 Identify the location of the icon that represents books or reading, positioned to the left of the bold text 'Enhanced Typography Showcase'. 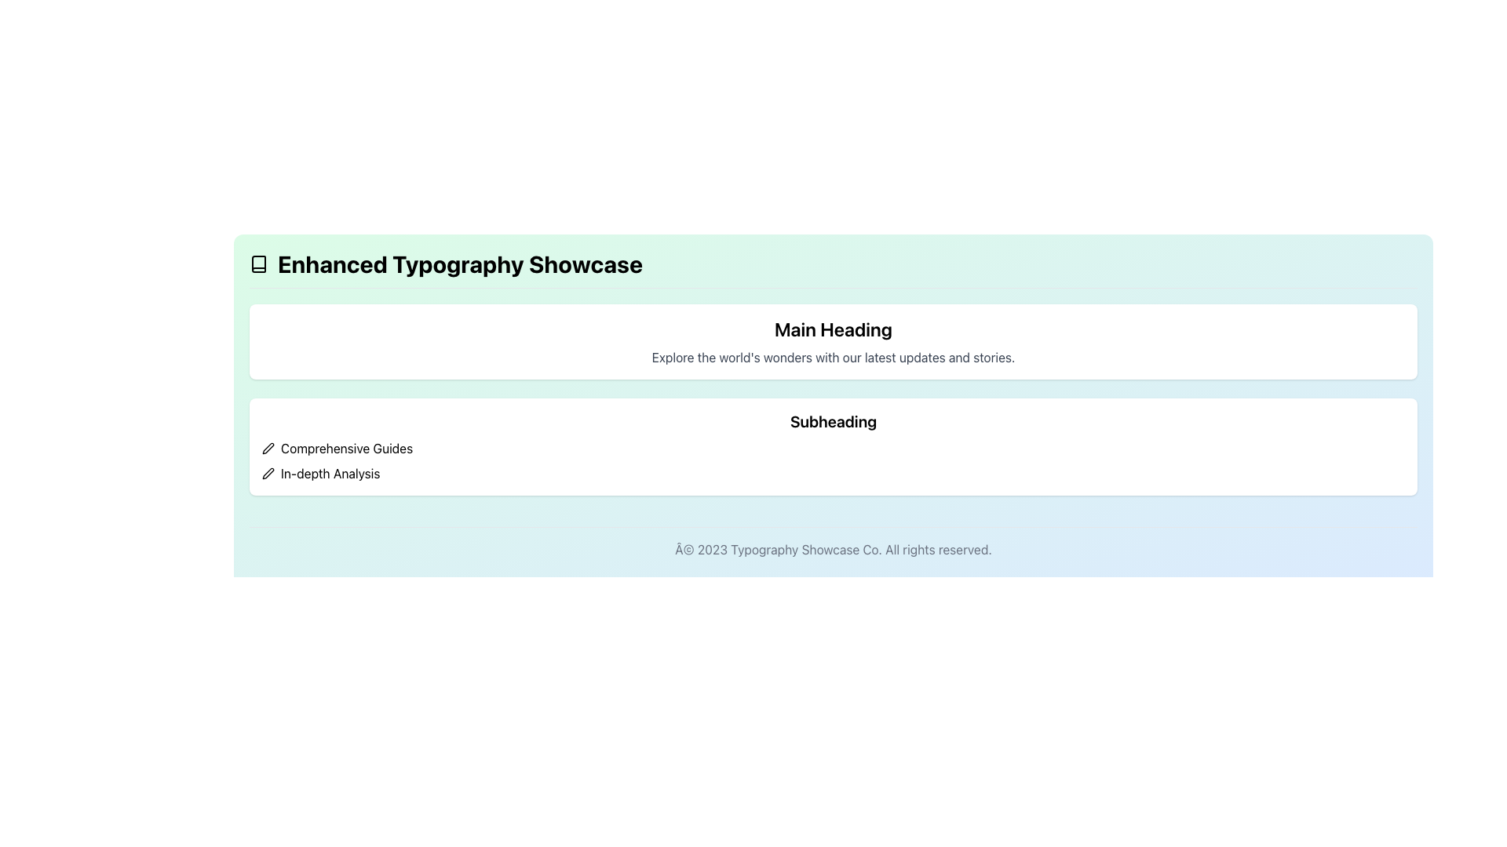
(259, 263).